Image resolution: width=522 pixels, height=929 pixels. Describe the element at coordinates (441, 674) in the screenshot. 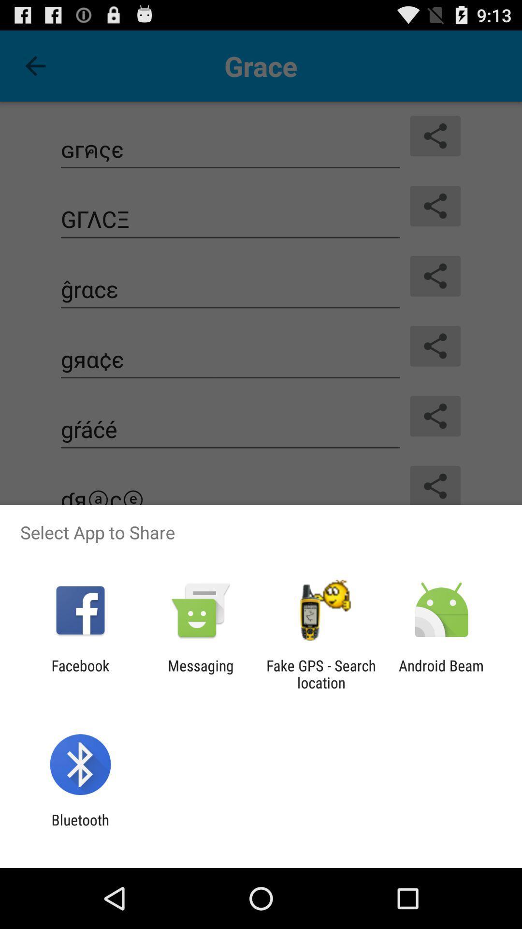

I see `item next to the fake gps search app` at that location.